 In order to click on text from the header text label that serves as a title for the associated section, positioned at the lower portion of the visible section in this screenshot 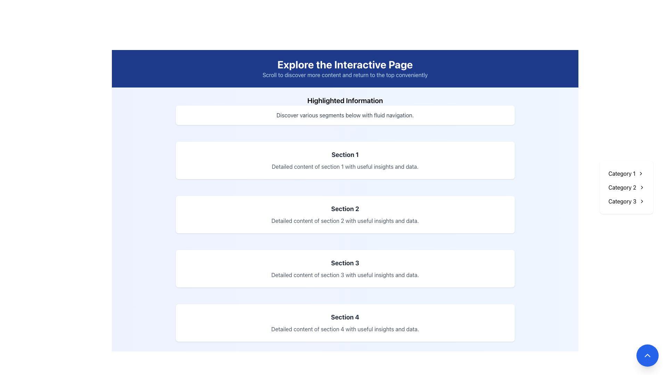, I will do `click(345, 317)`.